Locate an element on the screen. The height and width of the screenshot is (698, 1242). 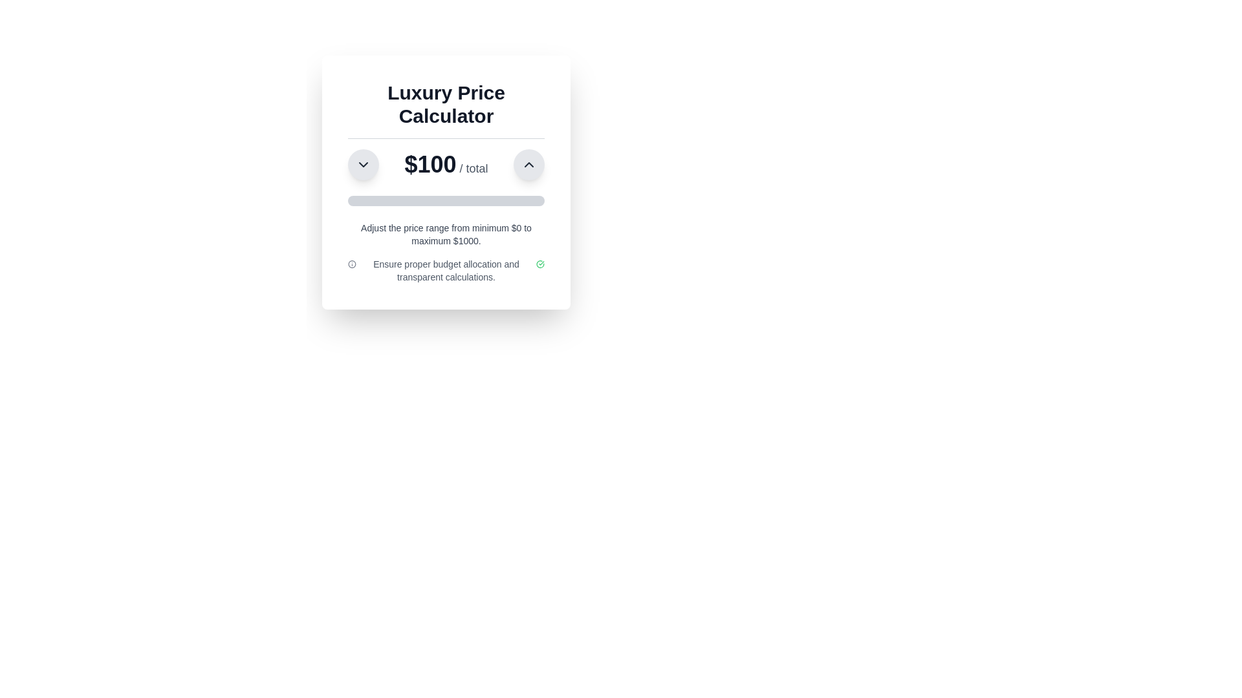
the slider's value is located at coordinates (364, 201).